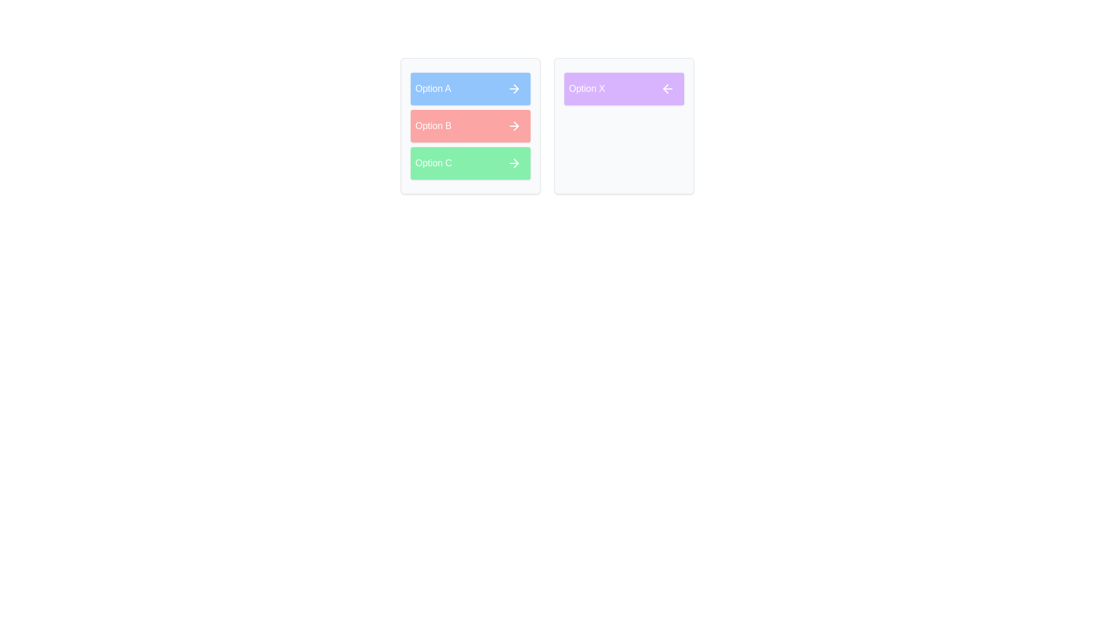 This screenshot has height=628, width=1117. I want to click on the item Option C in the source list to view its details, so click(471, 163).